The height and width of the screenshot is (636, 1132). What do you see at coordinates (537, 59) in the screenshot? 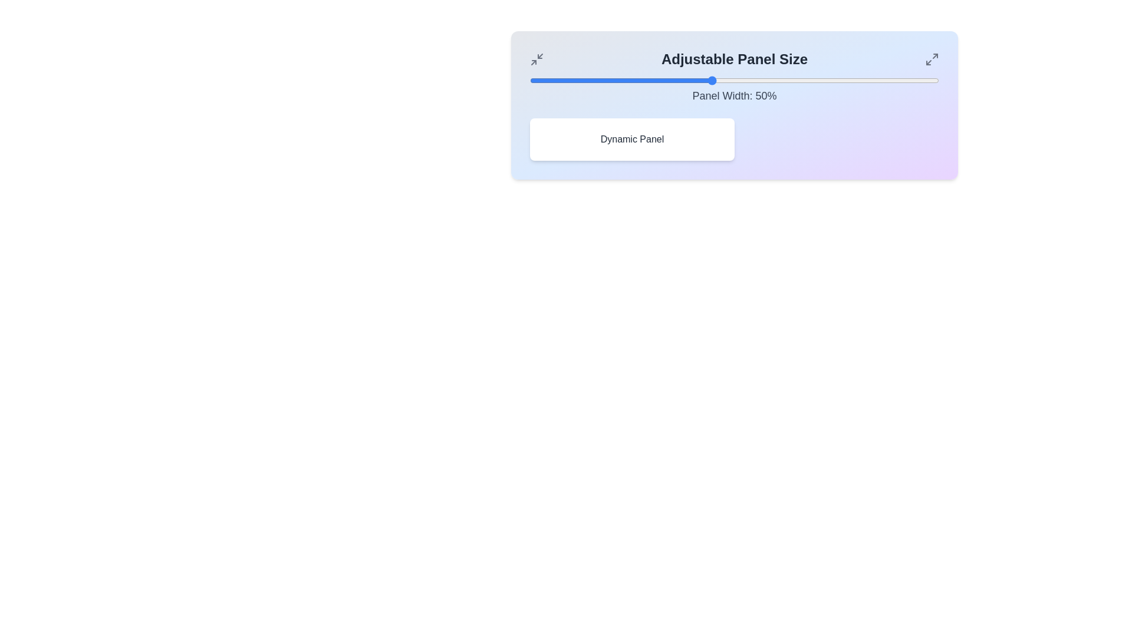
I see `the minimization button icon located at the far left of the header row, which is styled with lines and arrows in gray, to minimize the panel` at bounding box center [537, 59].